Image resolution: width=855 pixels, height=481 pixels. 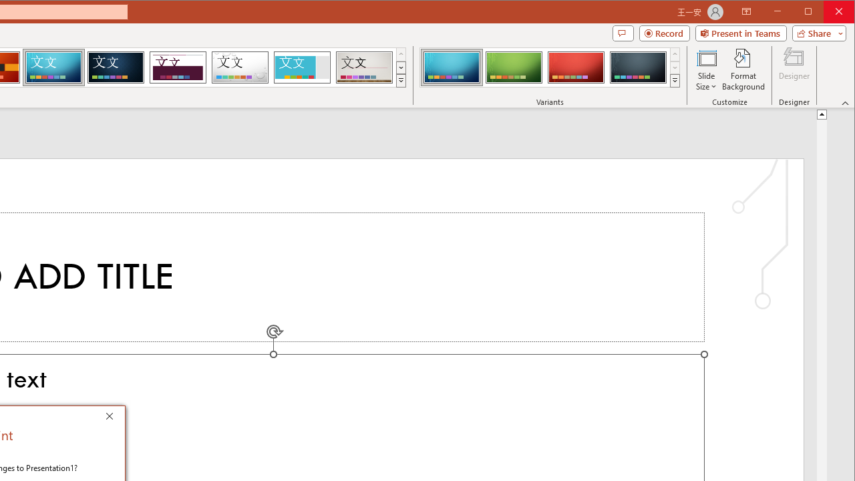 I want to click on 'Circuit Variant 3', so click(x=576, y=67).